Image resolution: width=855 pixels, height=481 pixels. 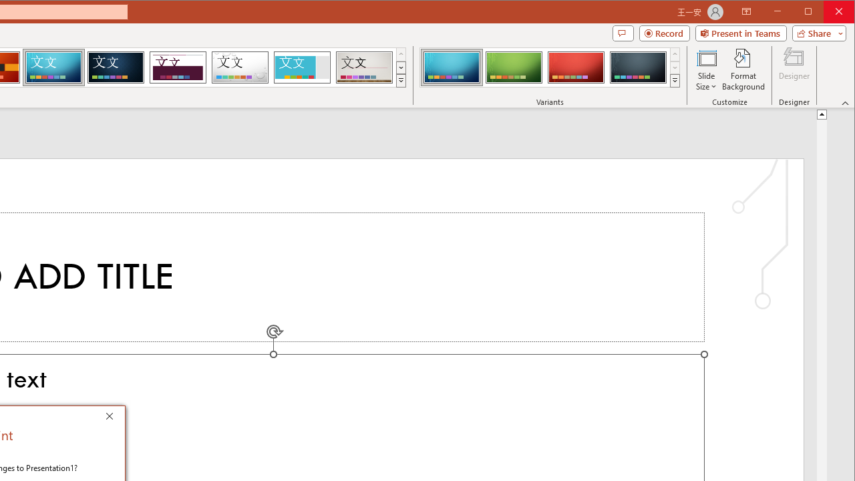 I want to click on 'Circuit Variant 3', so click(x=576, y=67).